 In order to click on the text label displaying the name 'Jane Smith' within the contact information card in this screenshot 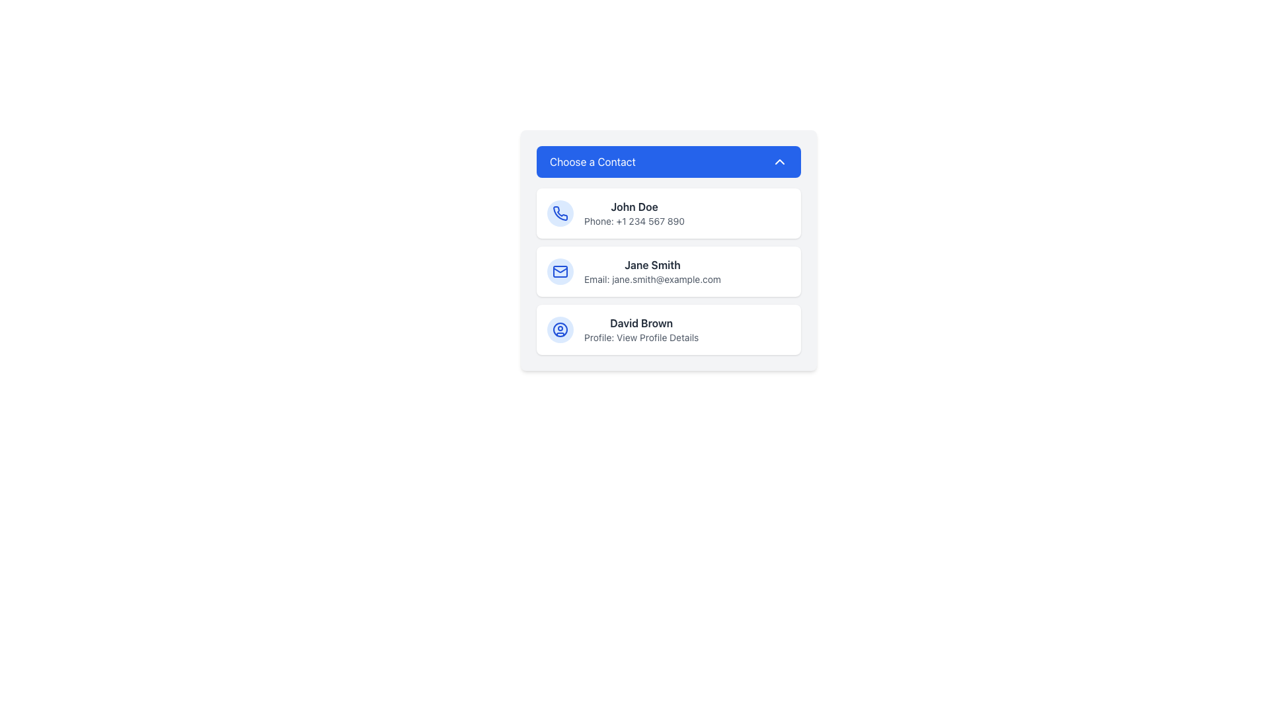, I will do `click(652, 265)`.